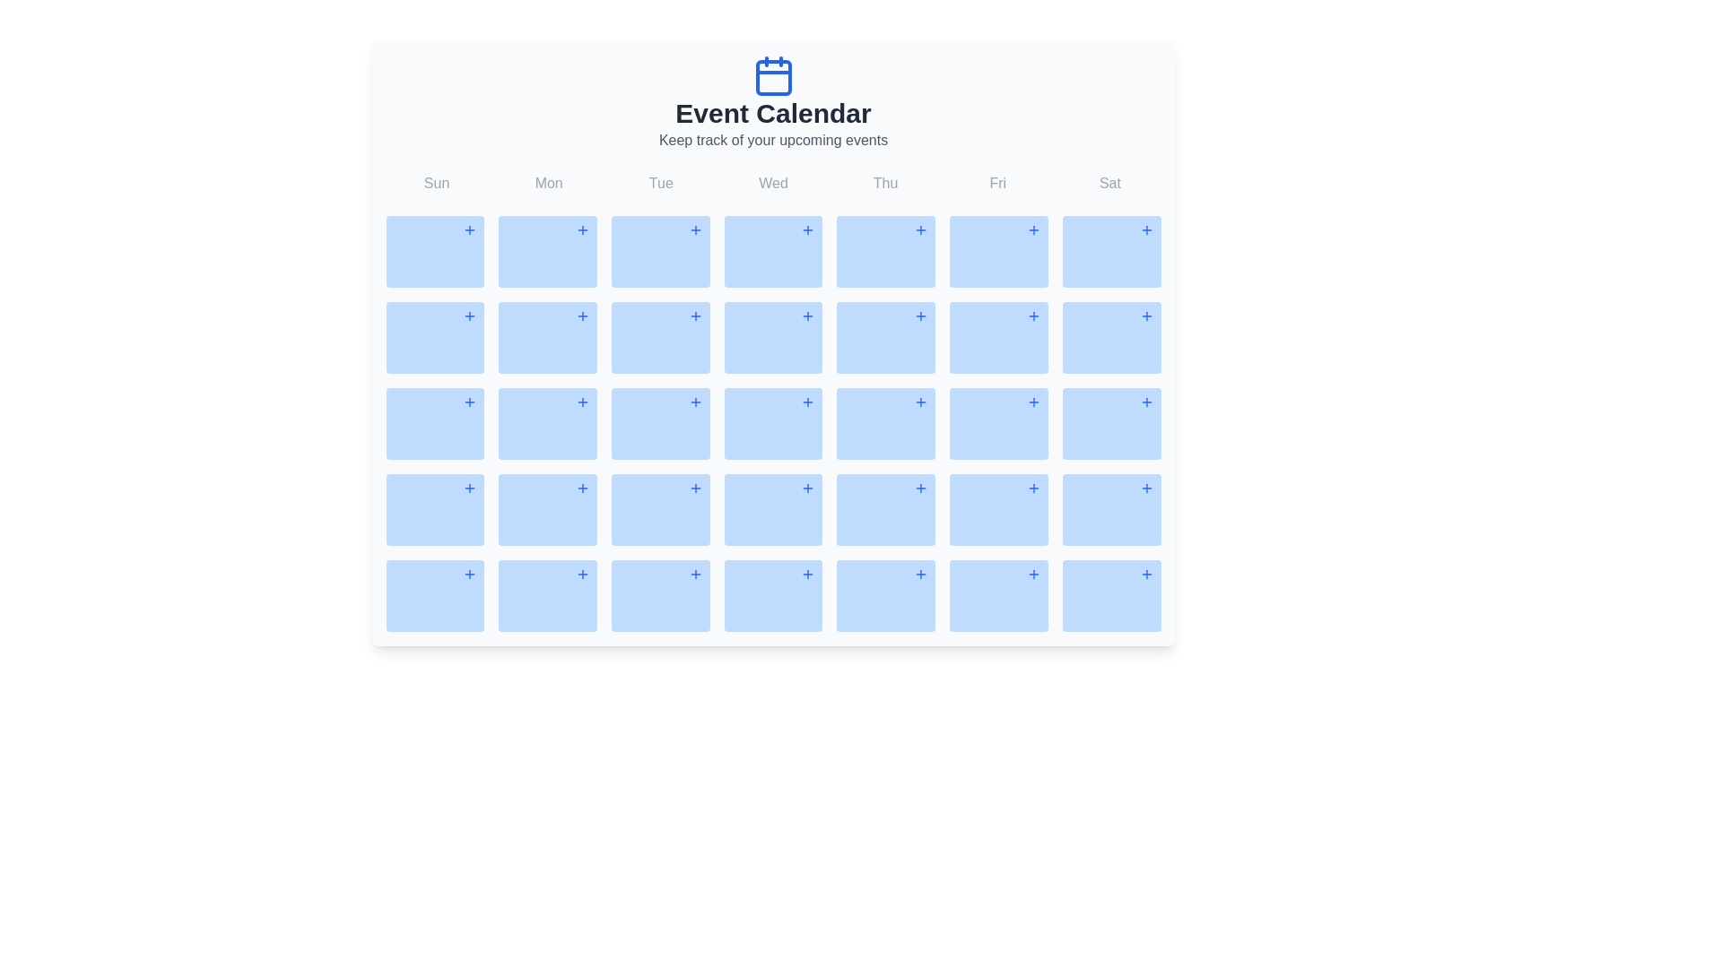 This screenshot has height=968, width=1722. I want to click on the calendar grid cell representing Thursday, so click(886, 252).